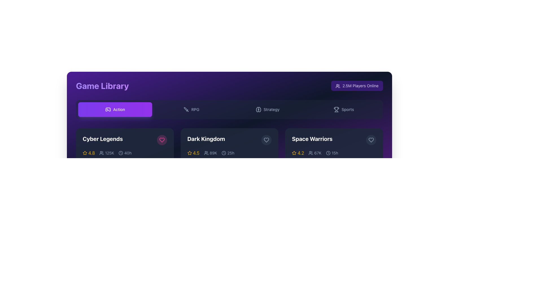  What do you see at coordinates (186, 110) in the screenshot?
I see `the decorative SVG icon representing 'RPG' located to the left of the text 'RPG' in the navigation row` at bounding box center [186, 110].